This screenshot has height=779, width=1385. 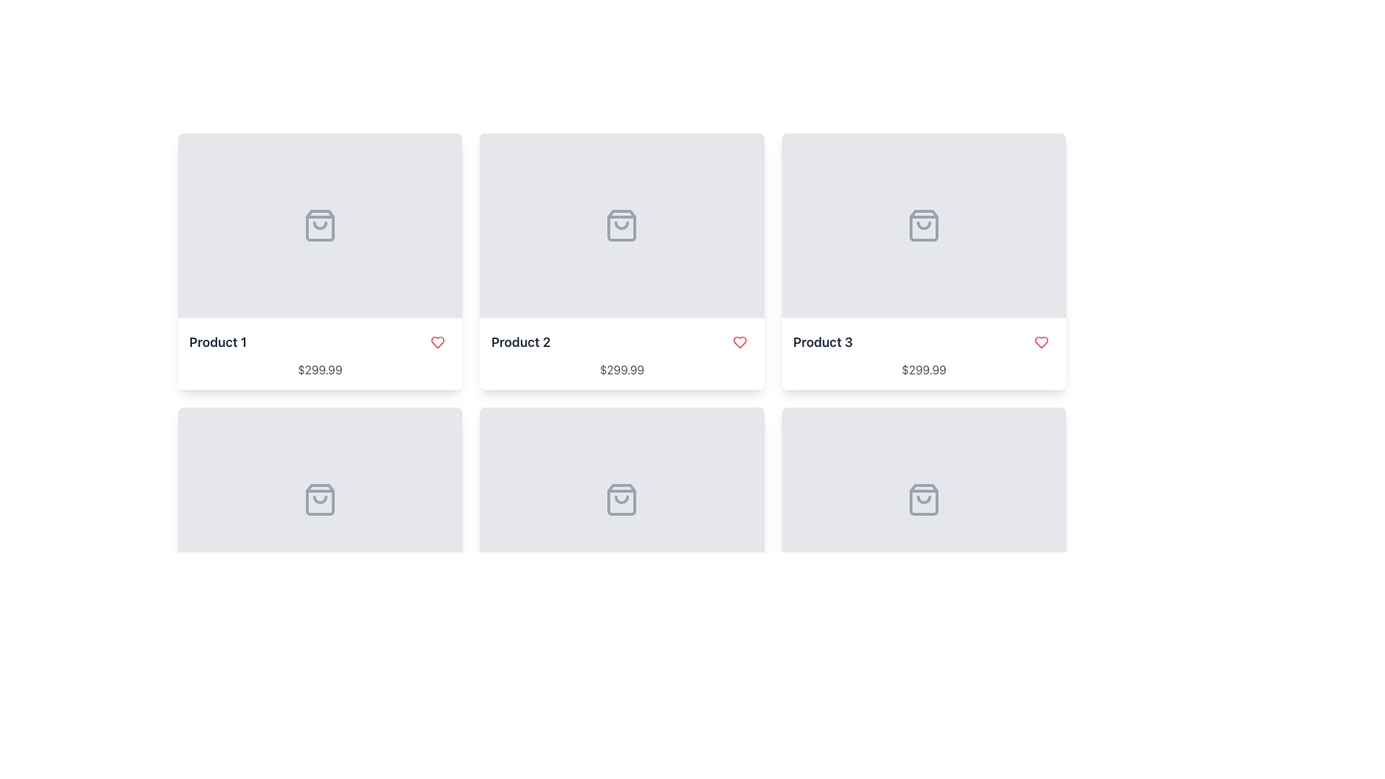 I want to click on the product using the text label located, so click(x=217, y=342).